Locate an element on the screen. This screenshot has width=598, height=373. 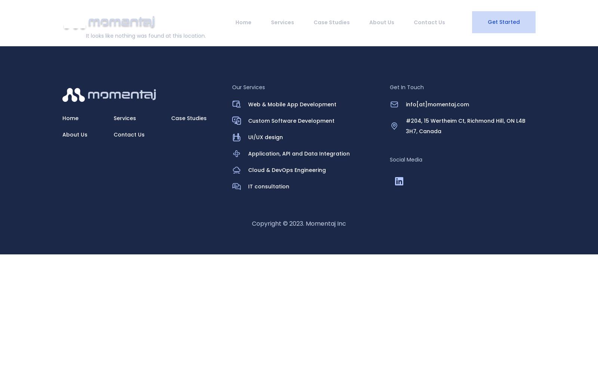
'Cloud & DevOps Engineering' is located at coordinates (287, 170).